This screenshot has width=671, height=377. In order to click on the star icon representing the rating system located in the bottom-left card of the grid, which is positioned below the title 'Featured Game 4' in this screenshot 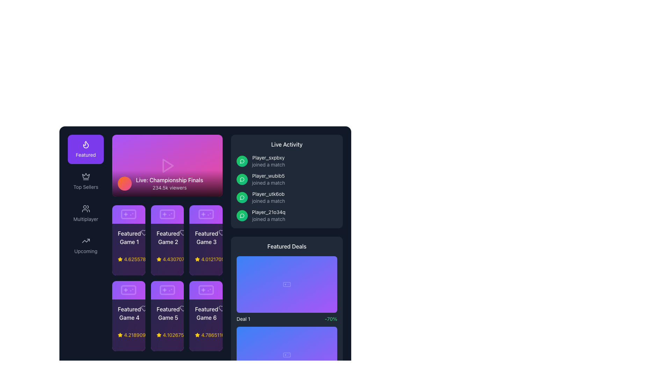, I will do `click(120, 335)`.